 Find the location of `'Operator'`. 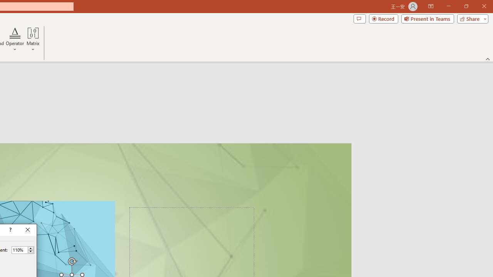

'Operator' is located at coordinates (15, 40).